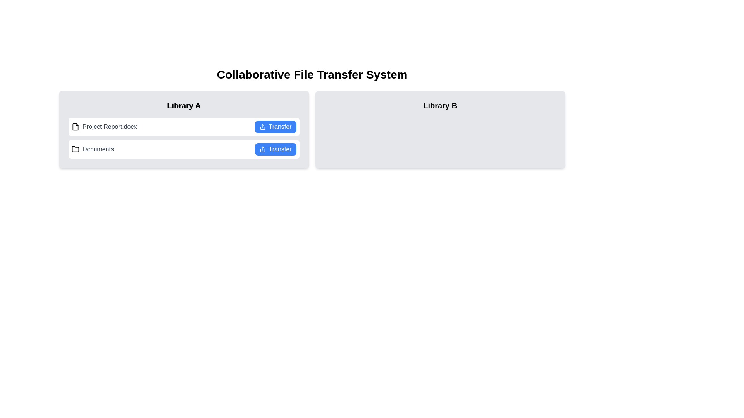 The width and height of the screenshot is (744, 418). What do you see at coordinates (262, 126) in the screenshot?
I see `the file transfer icon located within the blue 'Transfer' button to the right of 'Project Report.docx' in the file listing area under 'Library A'` at bounding box center [262, 126].